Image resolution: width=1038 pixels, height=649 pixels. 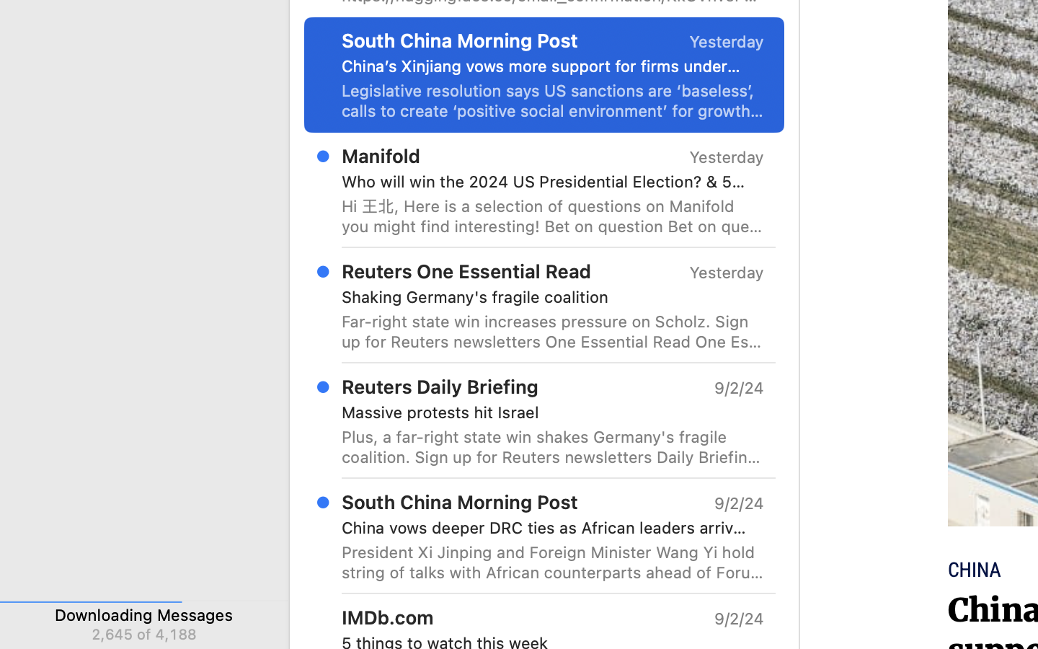 What do you see at coordinates (546, 181) in the screenshot?
I see `'Who will win the 2024 US Presidential Election? & 5 more interesting markets on Manifold'` at bounding box center [546, 181].